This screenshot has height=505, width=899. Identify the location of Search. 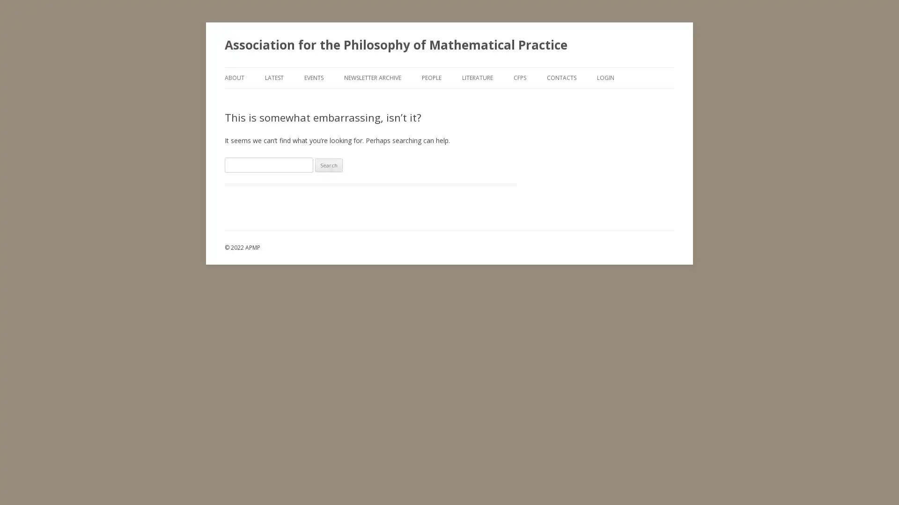
(329, 165).